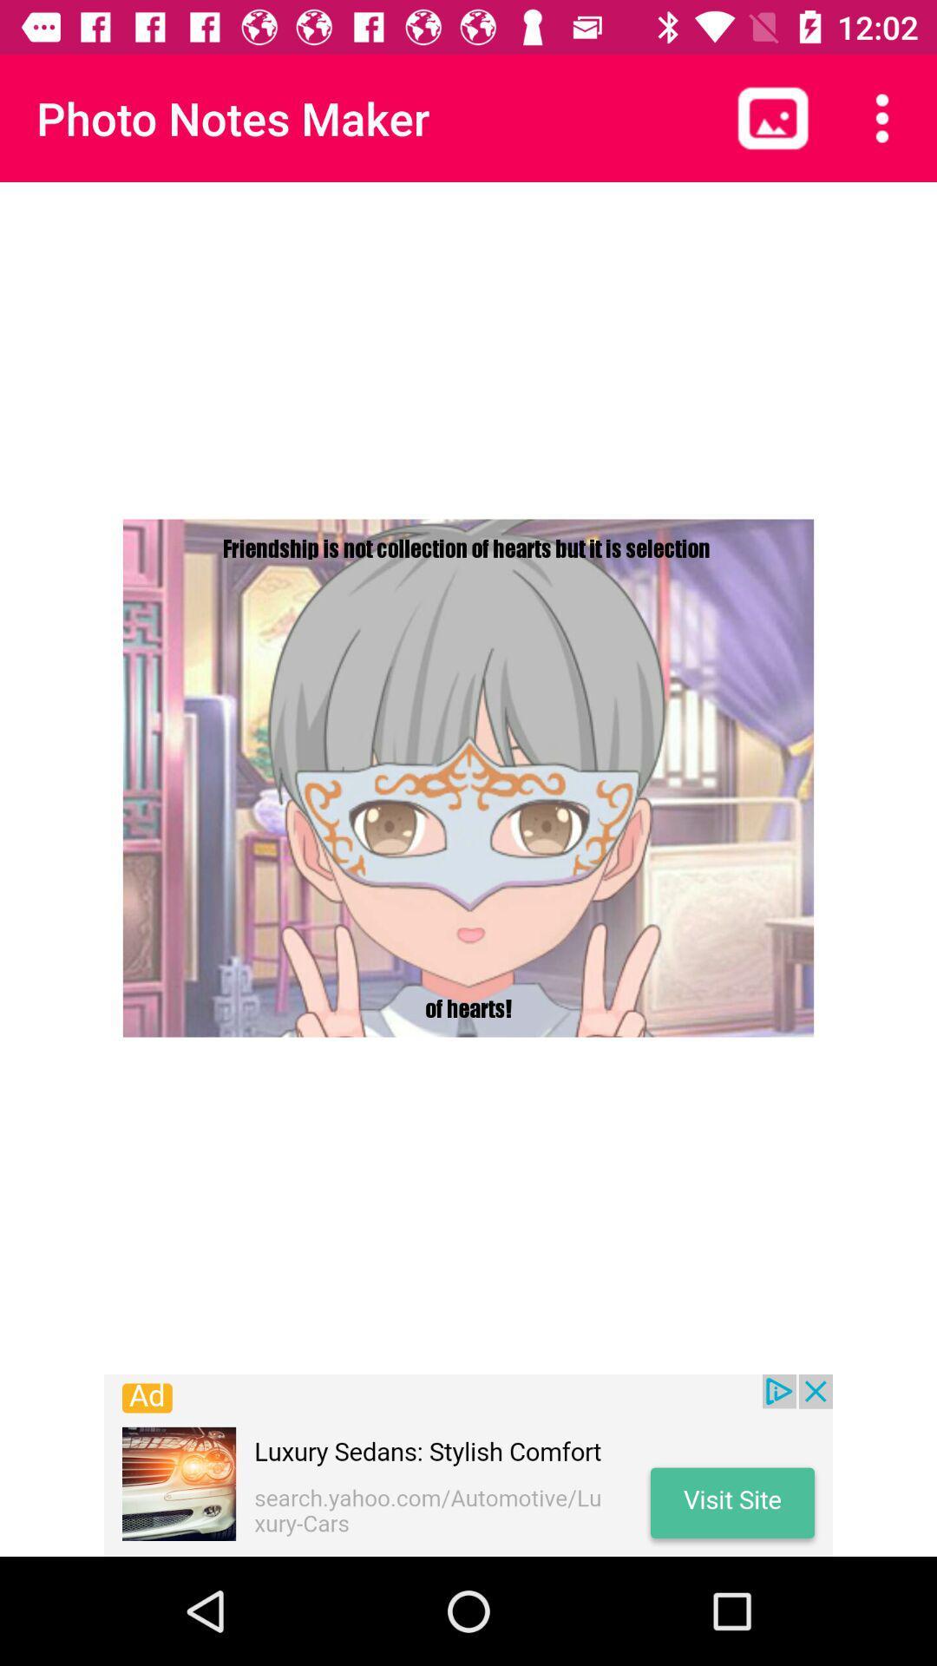  Describe the element at coordinates (882, 117) in the screenshot. I see `customize` at that location.